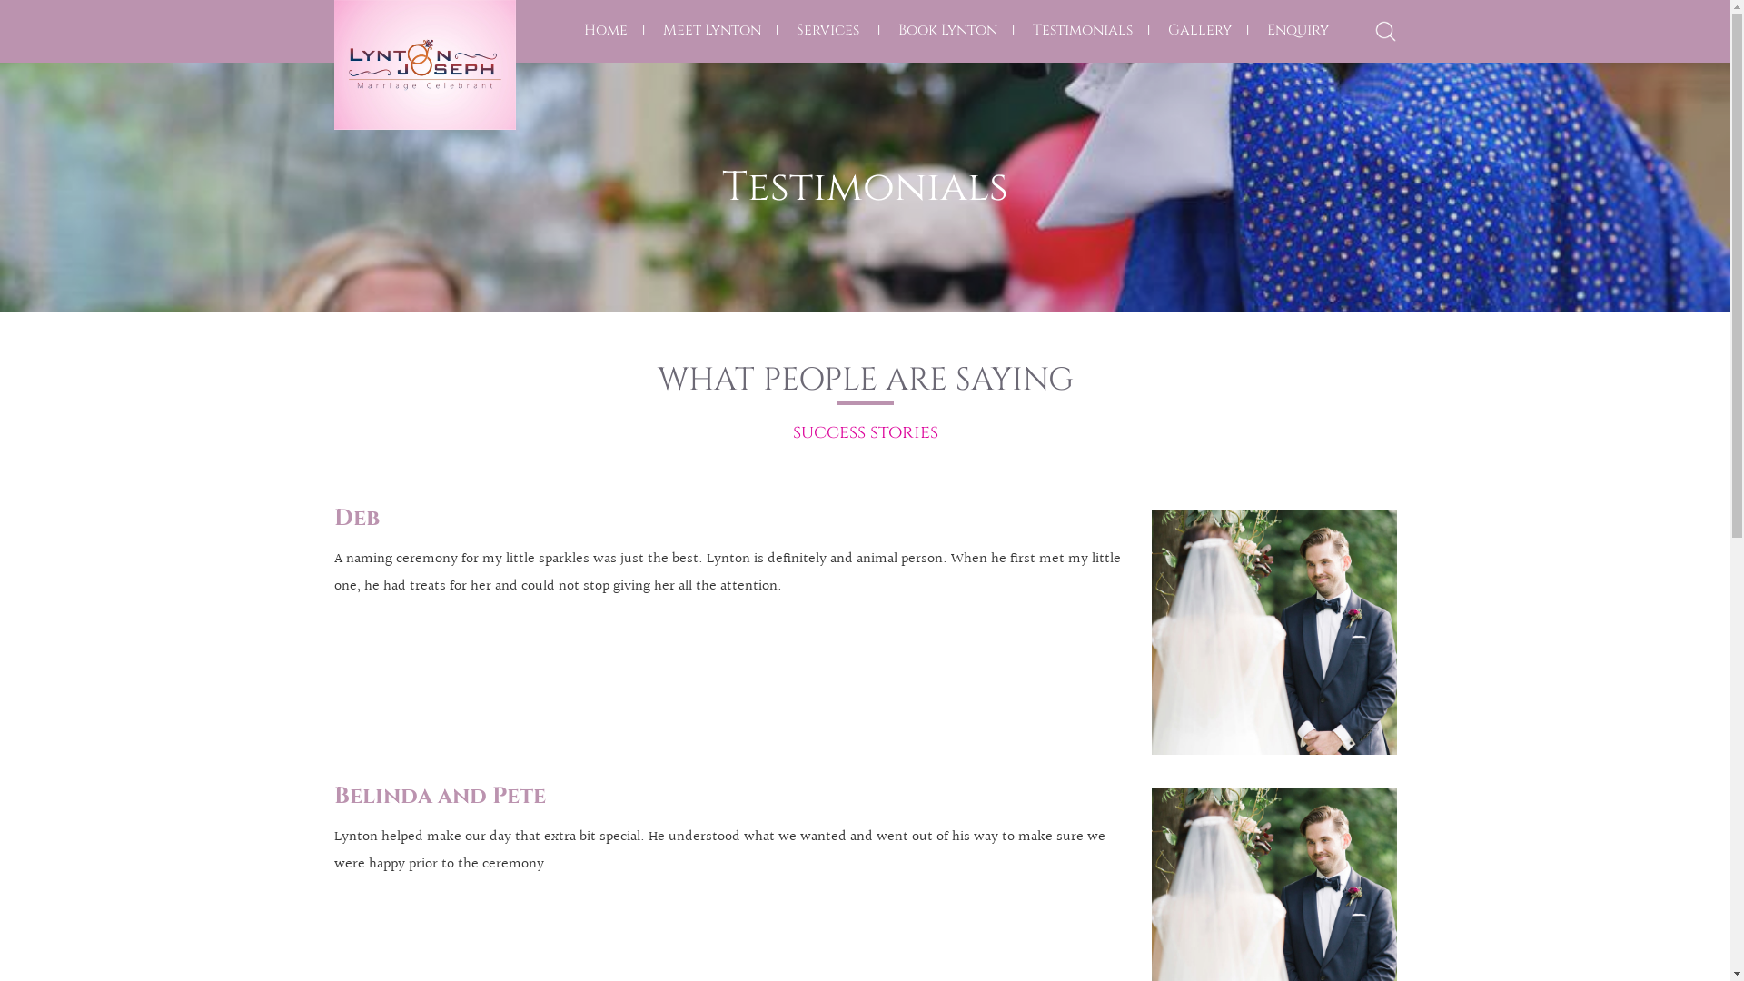 The width and height of the screenshot is (1744, 981). Describe the element at coordinates (605, 30) in the screenshot. I see `'Home'` at that location.